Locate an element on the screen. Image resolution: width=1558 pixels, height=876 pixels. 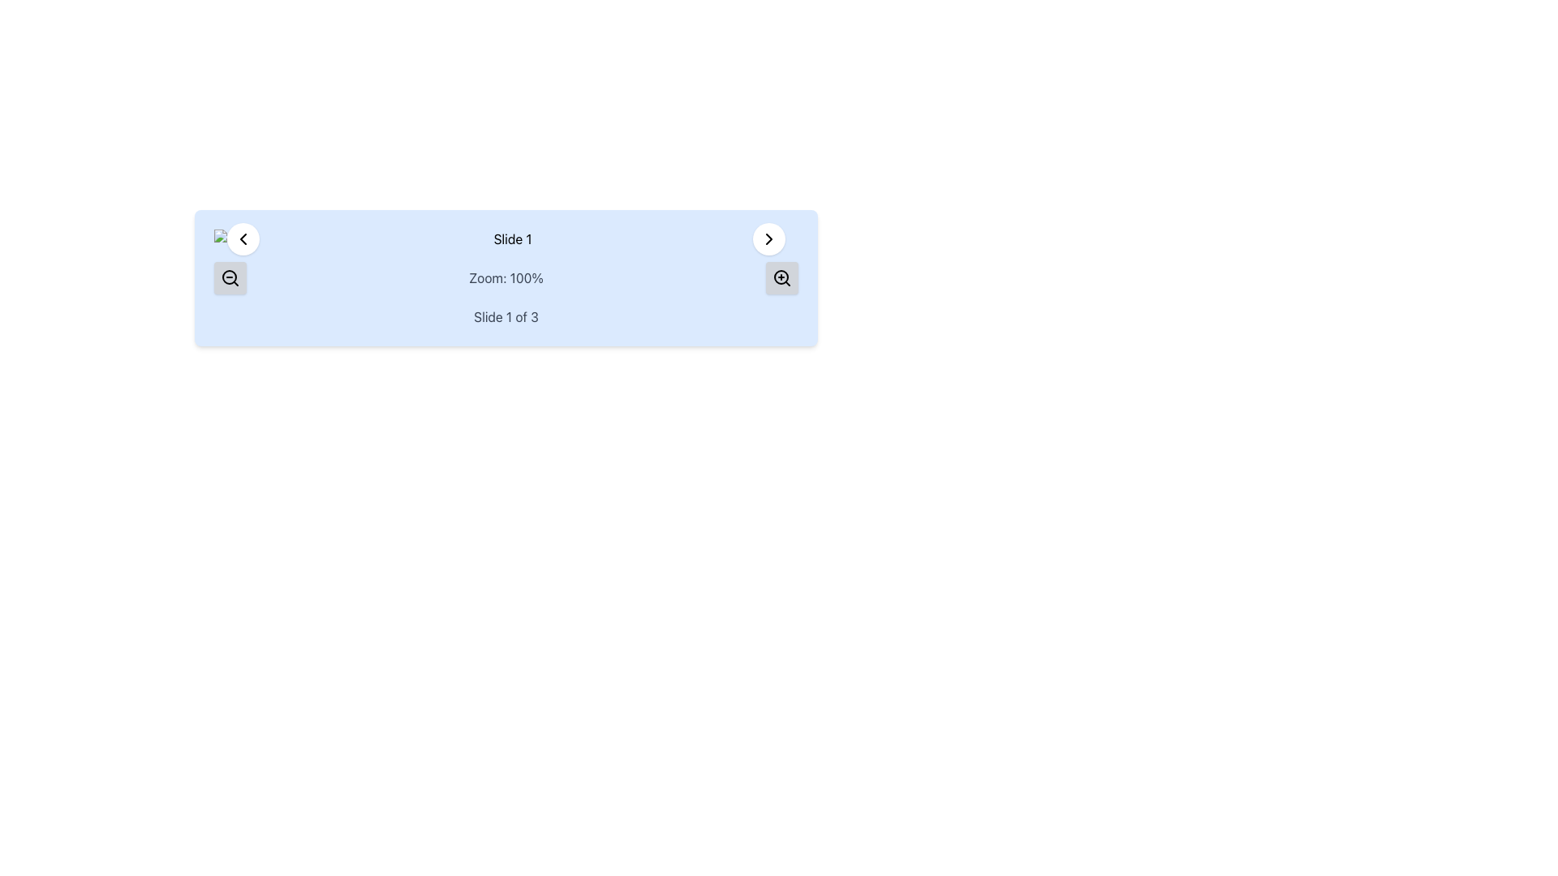
the zoom-out button located to the left of the text 'Zoom: 100%' in the toolbar is located at coordinates (229, 277).